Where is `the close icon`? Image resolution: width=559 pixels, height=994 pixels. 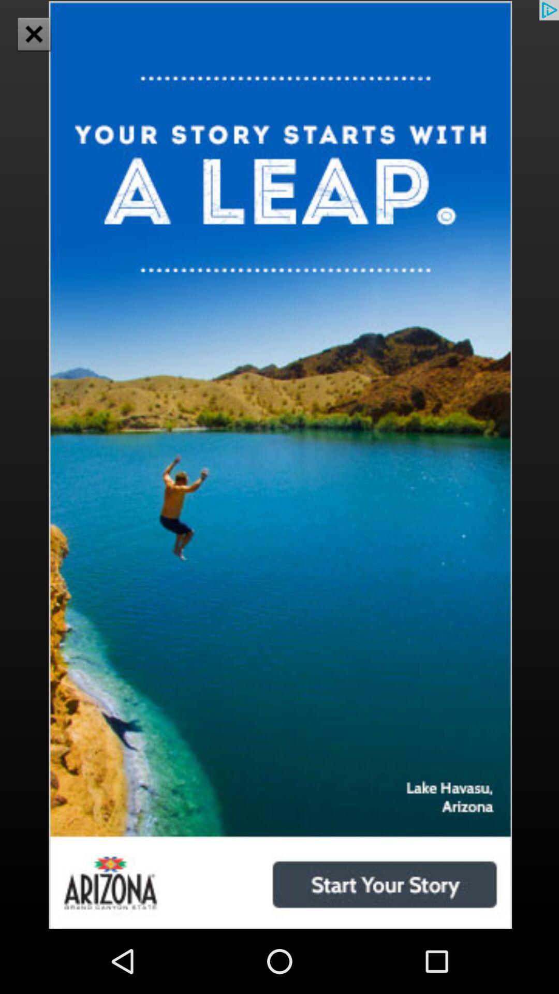 the close icon is located at coordinates (47, 50).